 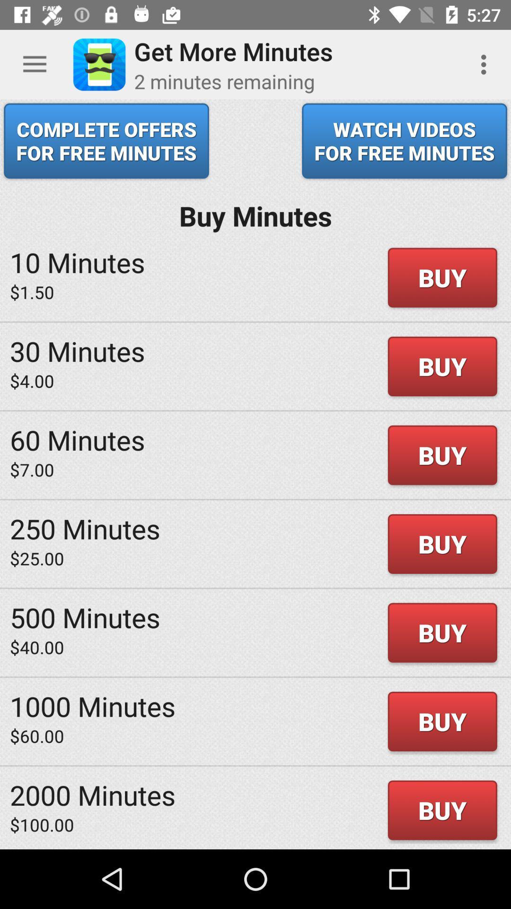 What do you see at coordinates (85, 617) in the screenshot?
I see `the icon above the $40.00 item` at bounding box center [85, 617].